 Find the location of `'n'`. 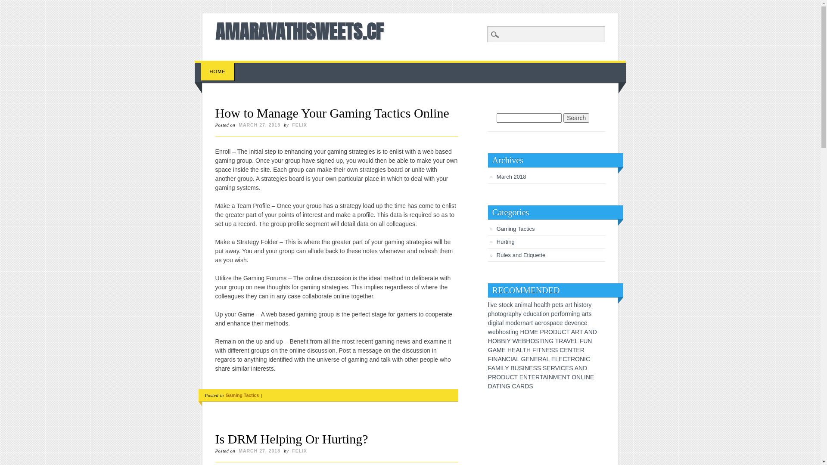

'n' is located at coordinates (524, 322).